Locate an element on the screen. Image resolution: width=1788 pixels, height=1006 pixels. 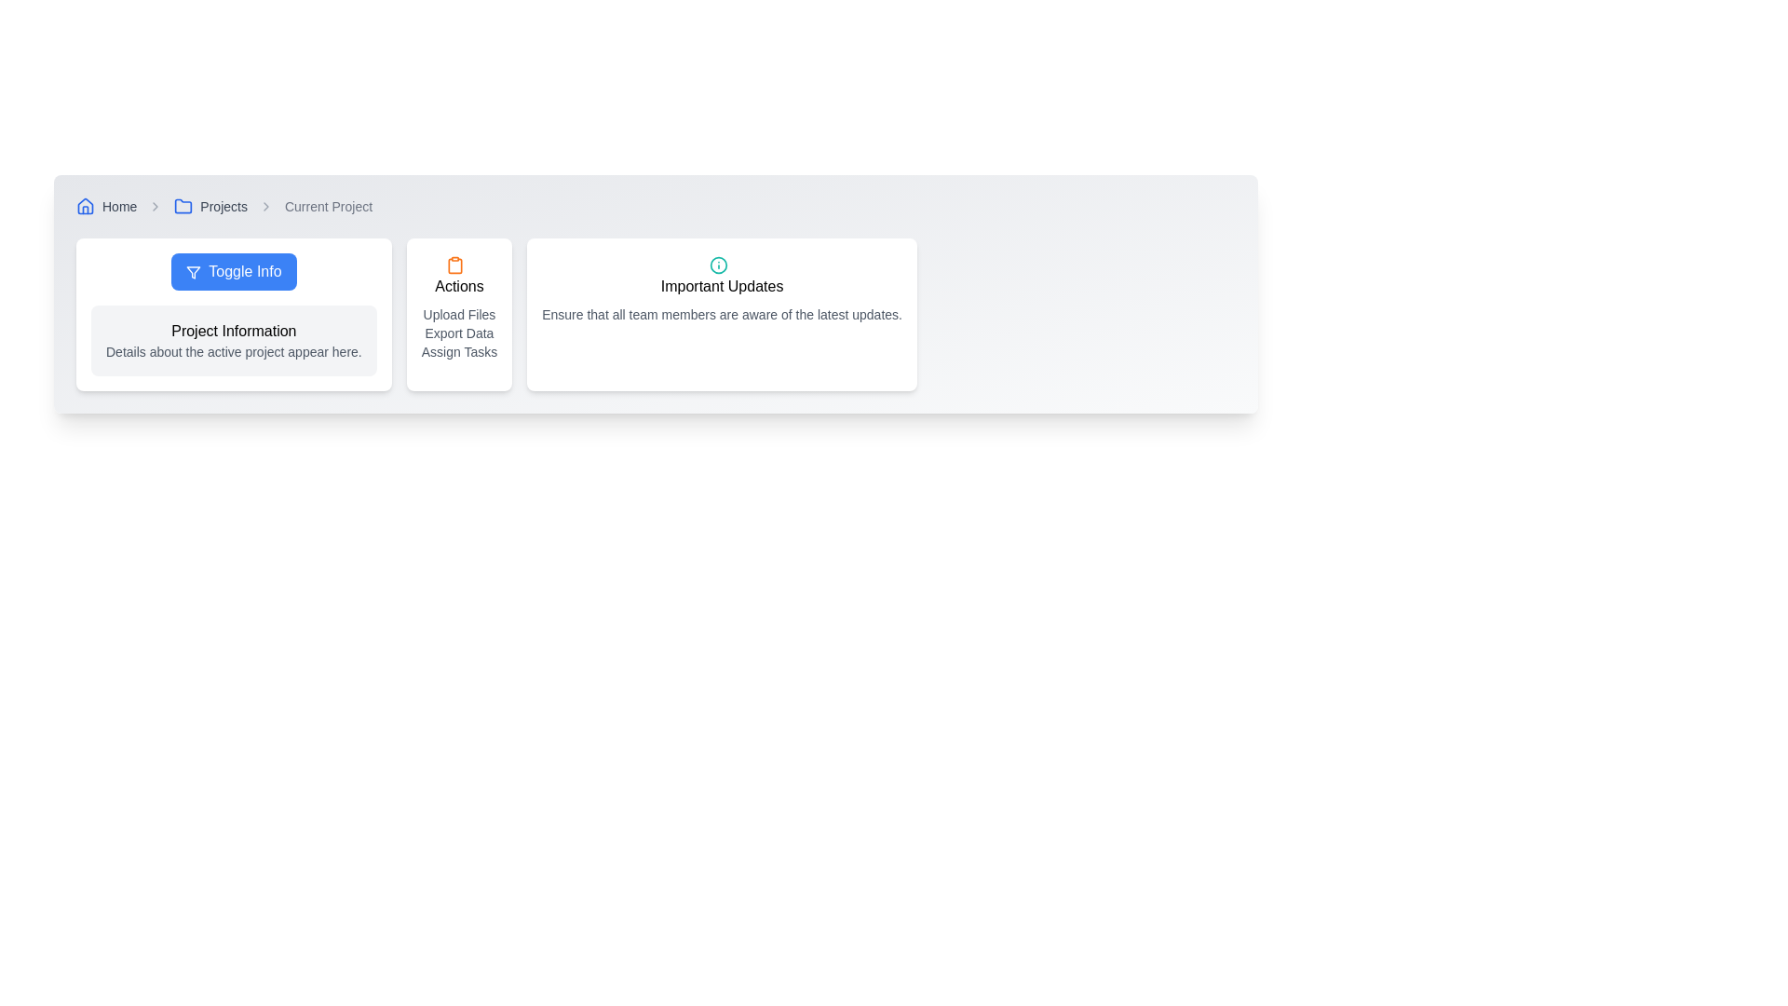
the blue 'Toggle Info' button with white text and a filter icon is located at coordinates (233, 272).